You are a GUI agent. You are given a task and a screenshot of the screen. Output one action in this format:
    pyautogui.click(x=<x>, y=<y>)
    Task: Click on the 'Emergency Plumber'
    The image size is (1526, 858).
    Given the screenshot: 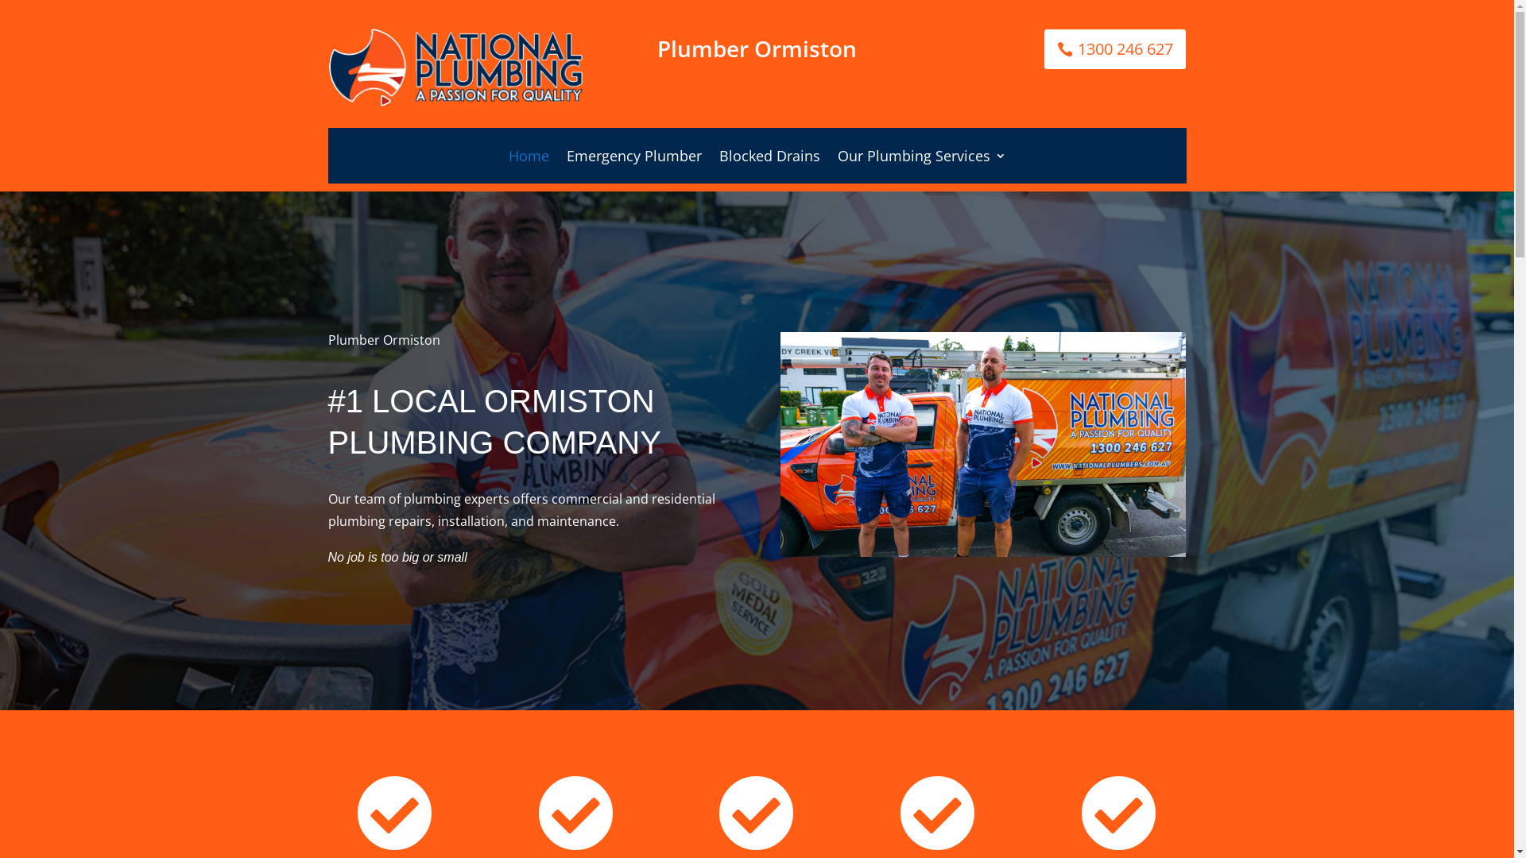 What is the action you would take?
    pyautogui.click(x=632, y=159)
    